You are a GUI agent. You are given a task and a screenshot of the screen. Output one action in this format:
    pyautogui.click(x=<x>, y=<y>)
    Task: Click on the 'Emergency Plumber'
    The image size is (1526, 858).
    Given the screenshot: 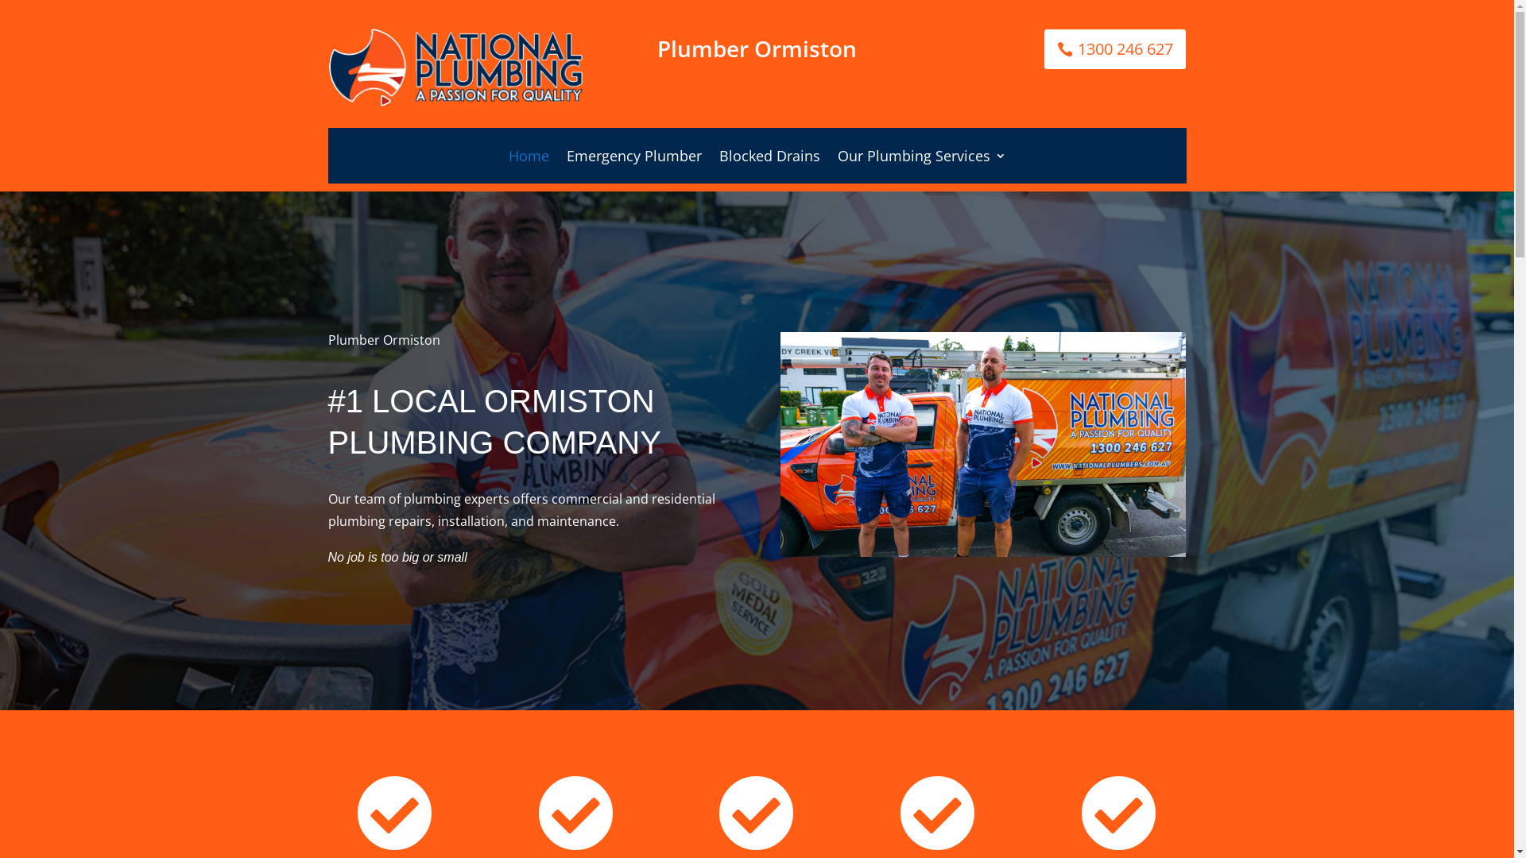 What is the action you would take?
    pyautogui.click(x=632, y=159)
    